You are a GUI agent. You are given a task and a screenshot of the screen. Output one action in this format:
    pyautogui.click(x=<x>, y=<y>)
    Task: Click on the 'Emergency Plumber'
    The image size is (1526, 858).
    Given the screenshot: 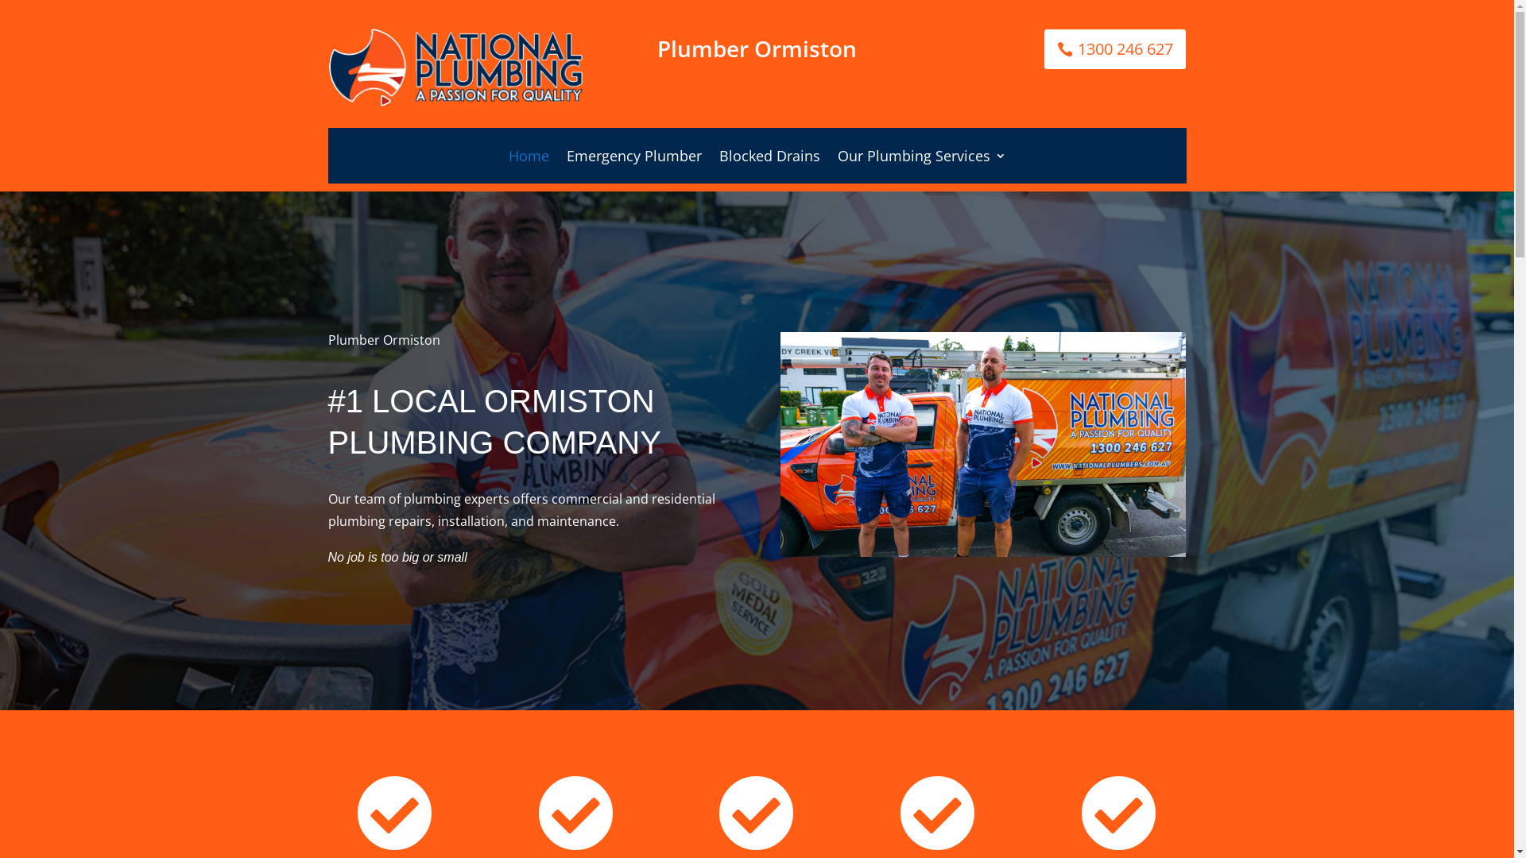 What is the action you would take?
    pyautogui.click(x=632, y=159)
    